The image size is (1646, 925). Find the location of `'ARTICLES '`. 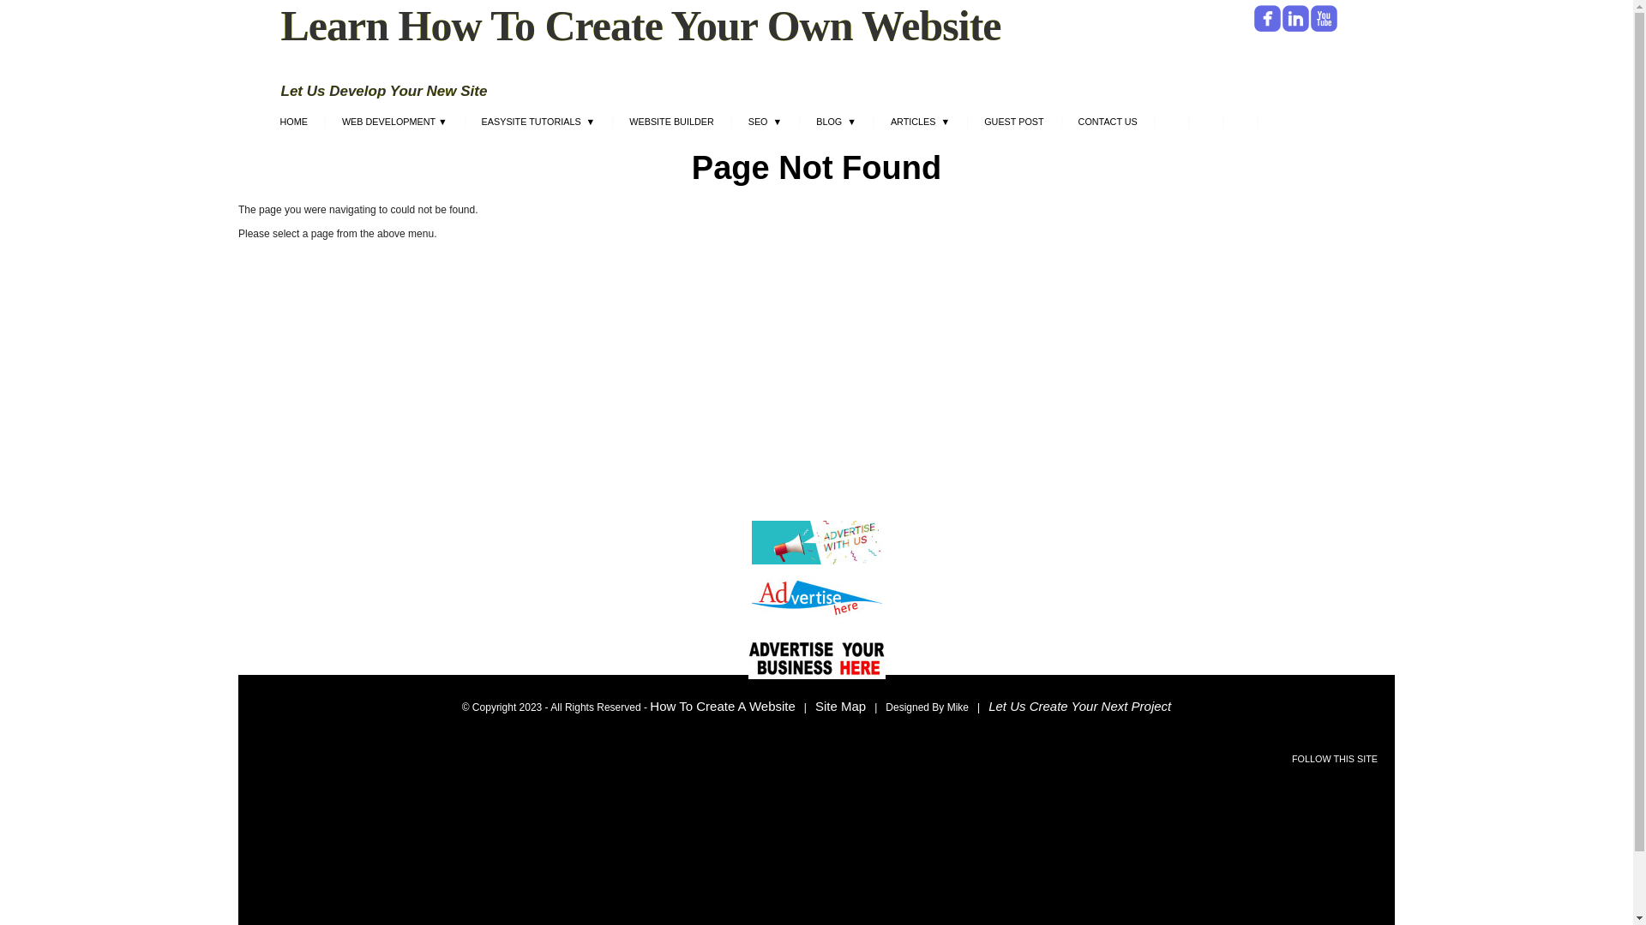

'ARTICLES ' is located at coordinates (919, 123).